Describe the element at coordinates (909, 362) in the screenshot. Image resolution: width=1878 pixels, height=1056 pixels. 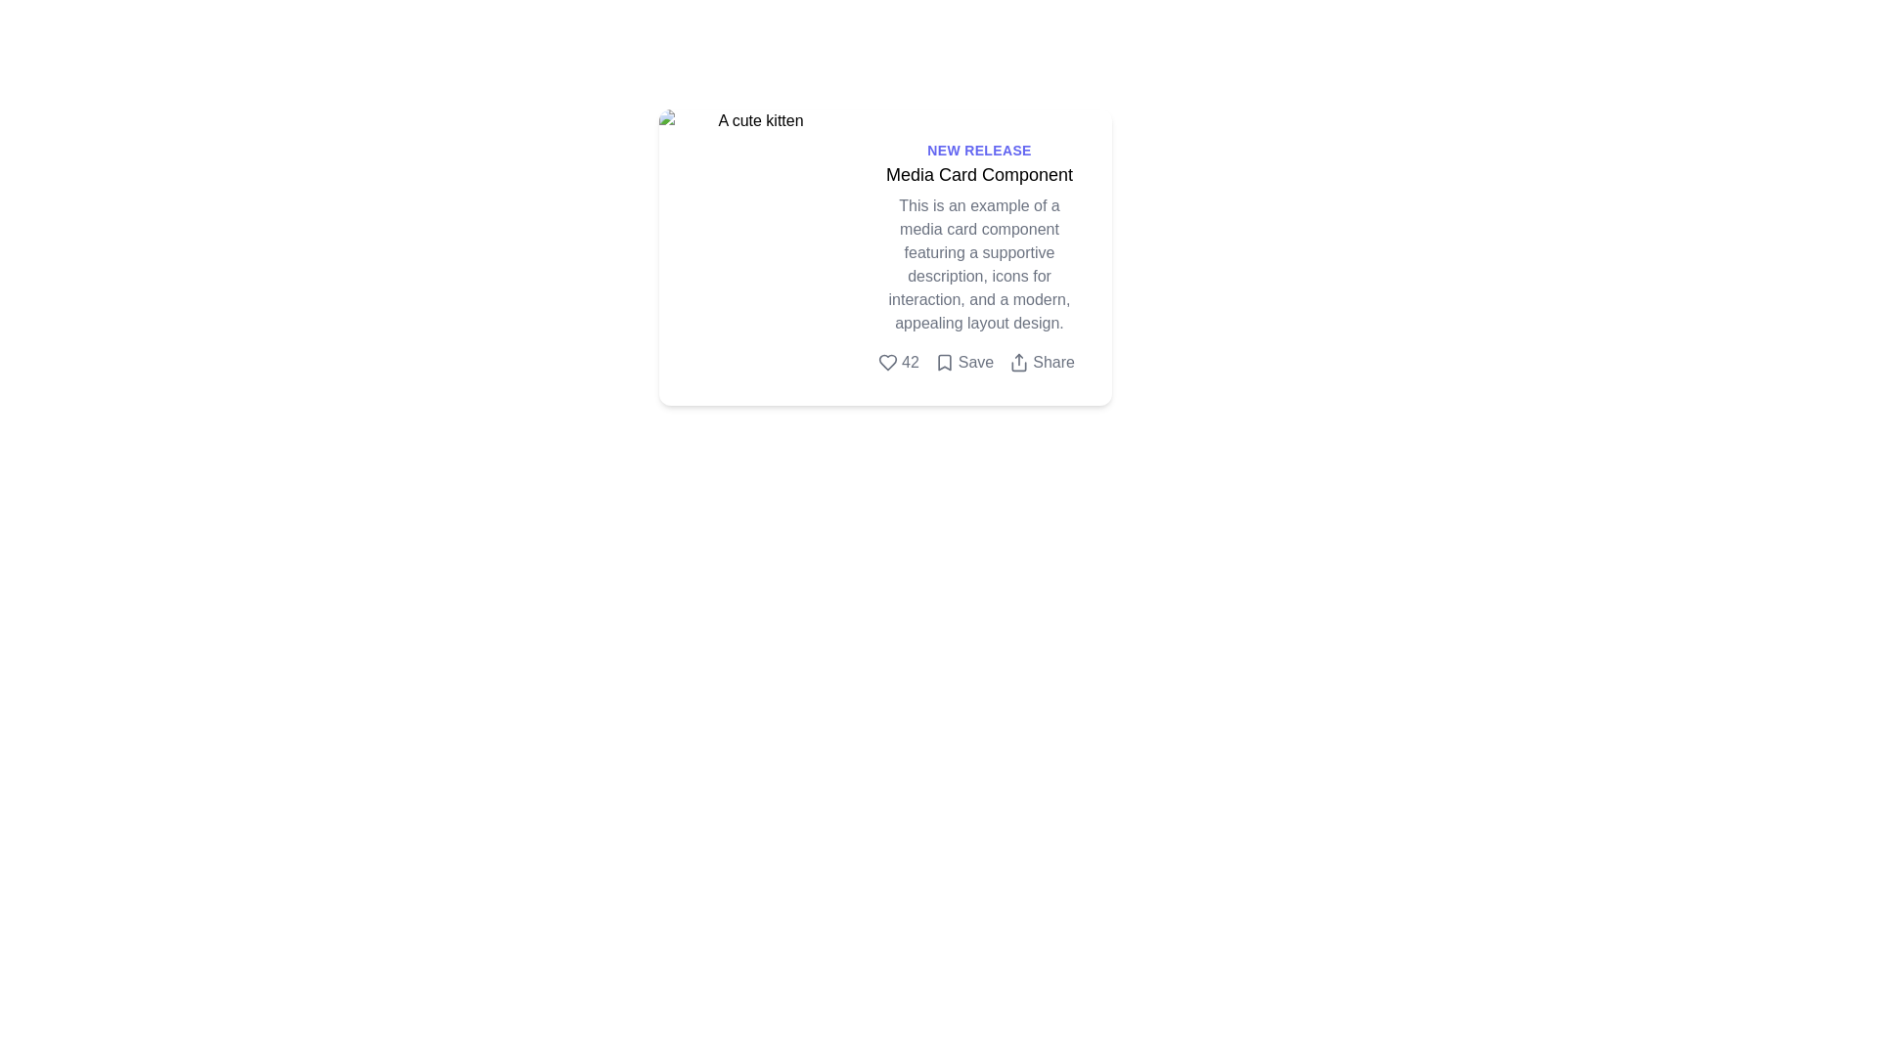
I see `text displayed in the label that shows the number of favorites or likes, positioned to the right of the heart icon in the lower central area of the card interface` at that location.